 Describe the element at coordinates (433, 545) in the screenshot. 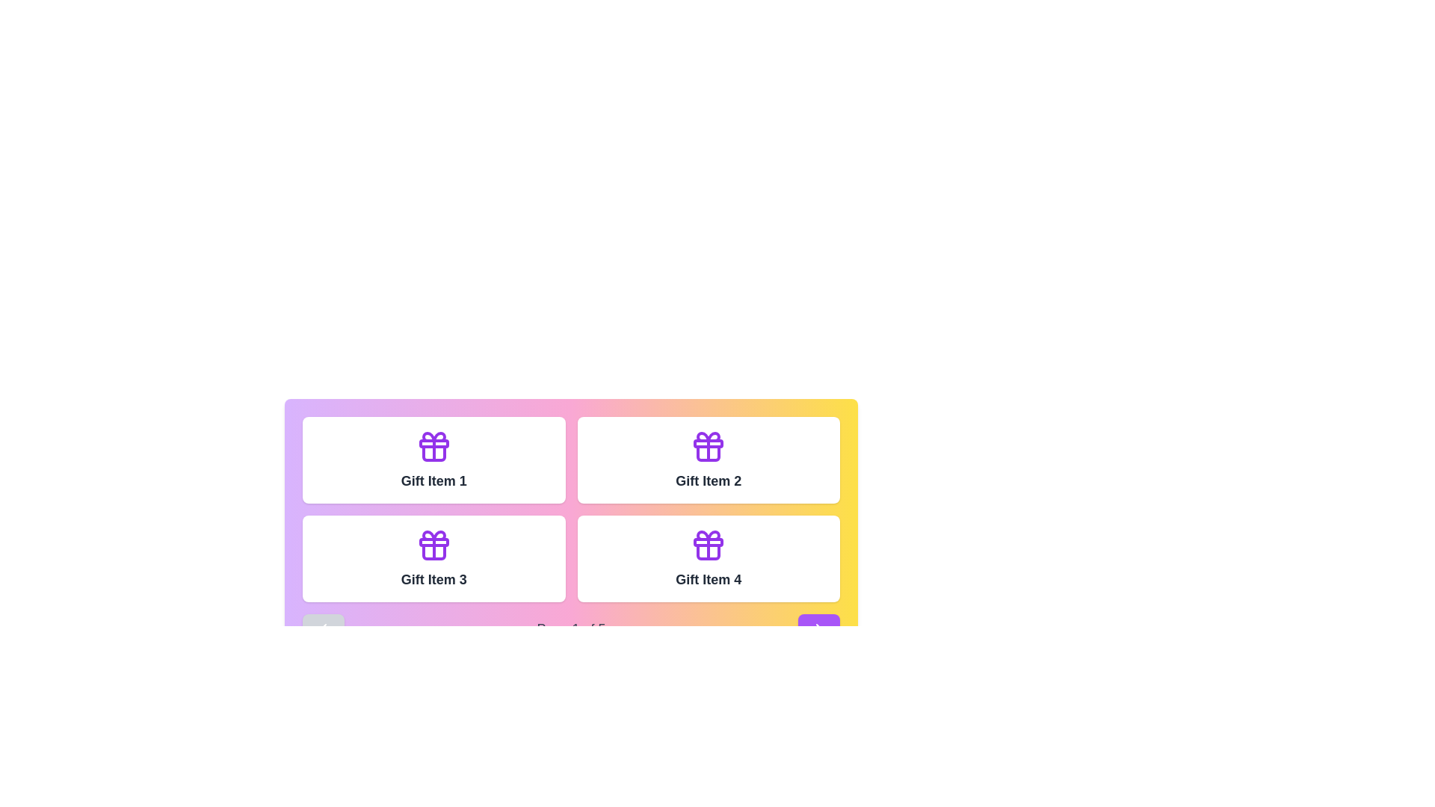

I see `the gift icon located in the first column of the second row of a grid of white cards, positioned above the label 'Gift Item 3'` at that location.